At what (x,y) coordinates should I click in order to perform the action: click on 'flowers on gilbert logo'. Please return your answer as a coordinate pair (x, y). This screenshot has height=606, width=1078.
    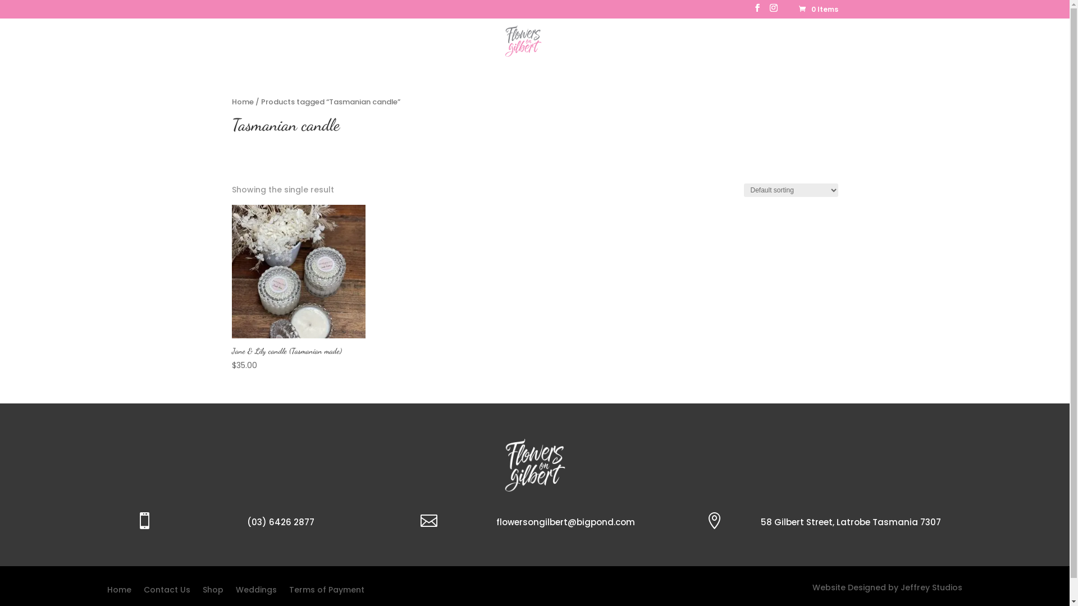
    Looking at the image, I should click on (535, 465).